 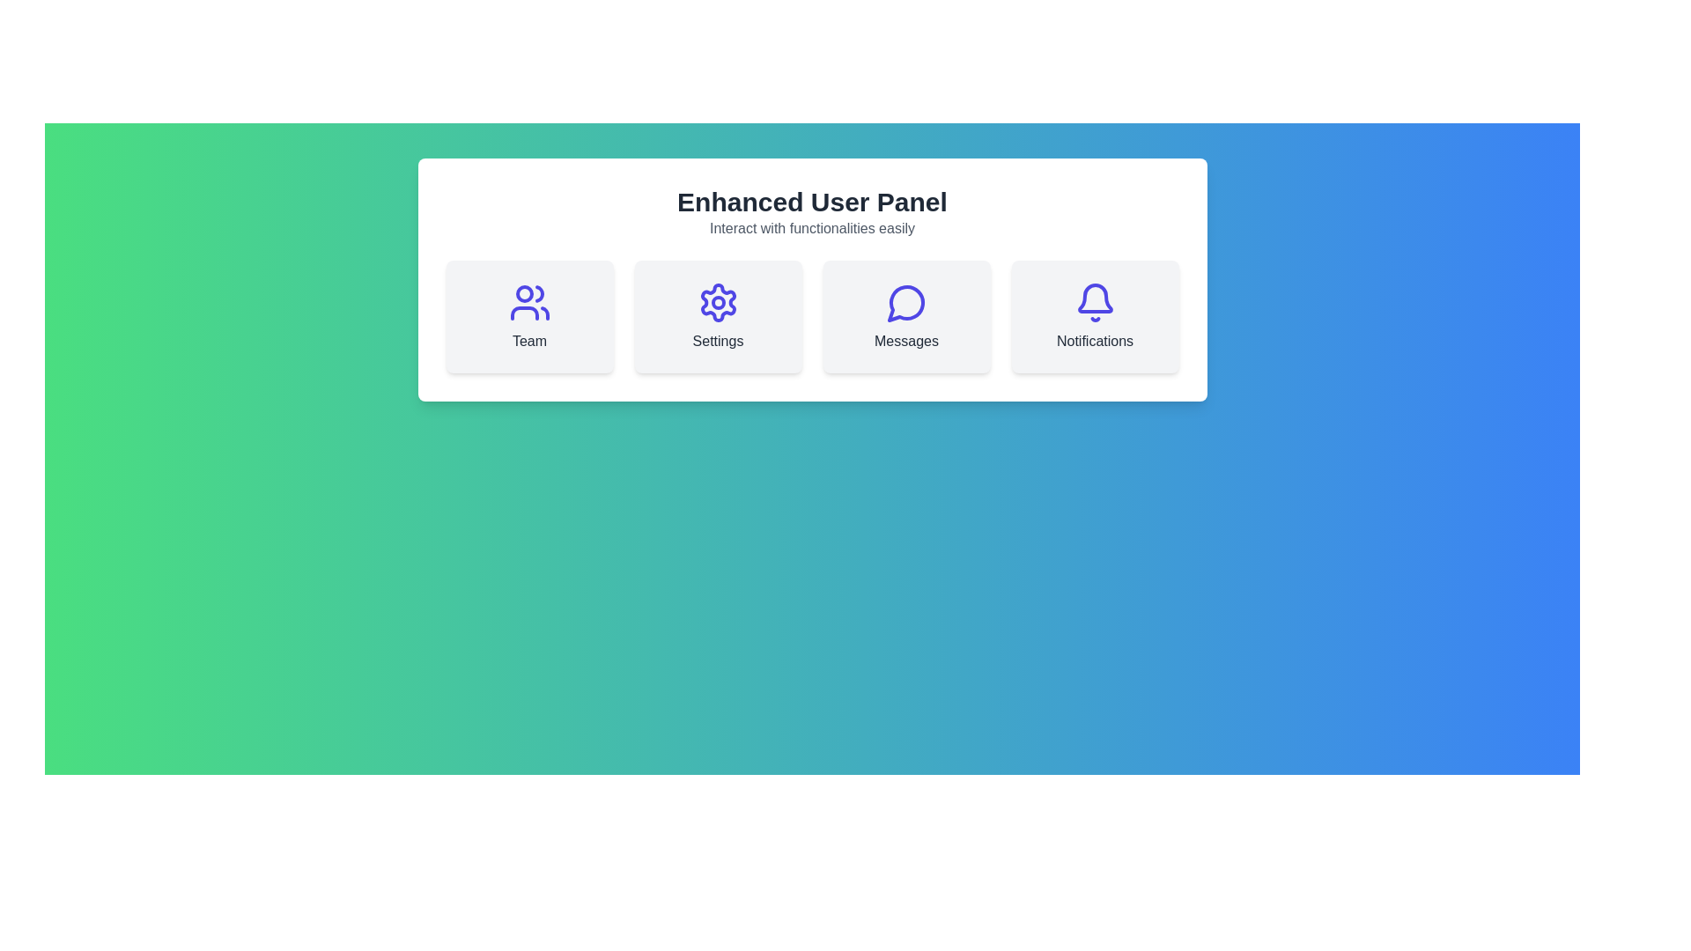 What do you see at coordinates (905, 302) in the screenshot?
I see `the 'Messages' graphical icon, which is visually representative of the messaging functionality within the interface, located in the third section of a grid layout` at bounding box center [905, 302].